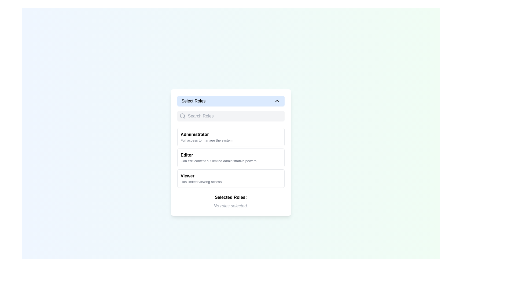  I want to click on the 'Viewer' role selection option located at the bottom of the 'Select Roles' list, so click(231, 178).